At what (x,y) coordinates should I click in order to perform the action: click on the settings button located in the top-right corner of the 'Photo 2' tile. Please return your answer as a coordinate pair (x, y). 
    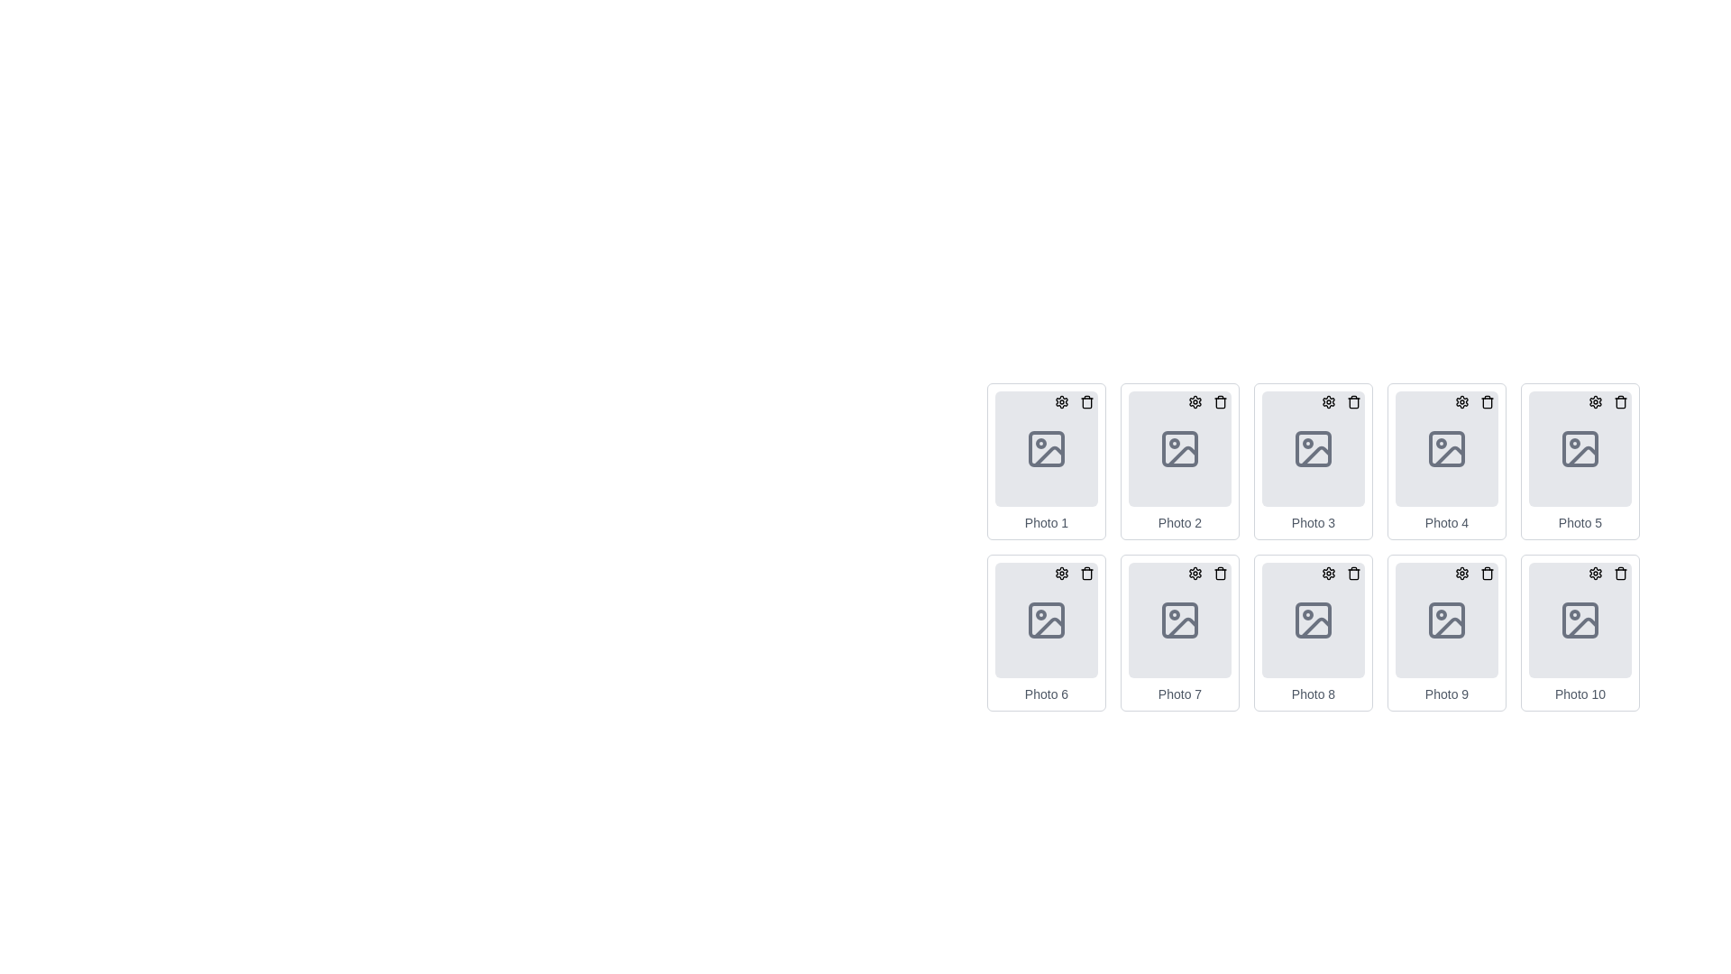
    Looking at the image, I should click on (1195, 401).